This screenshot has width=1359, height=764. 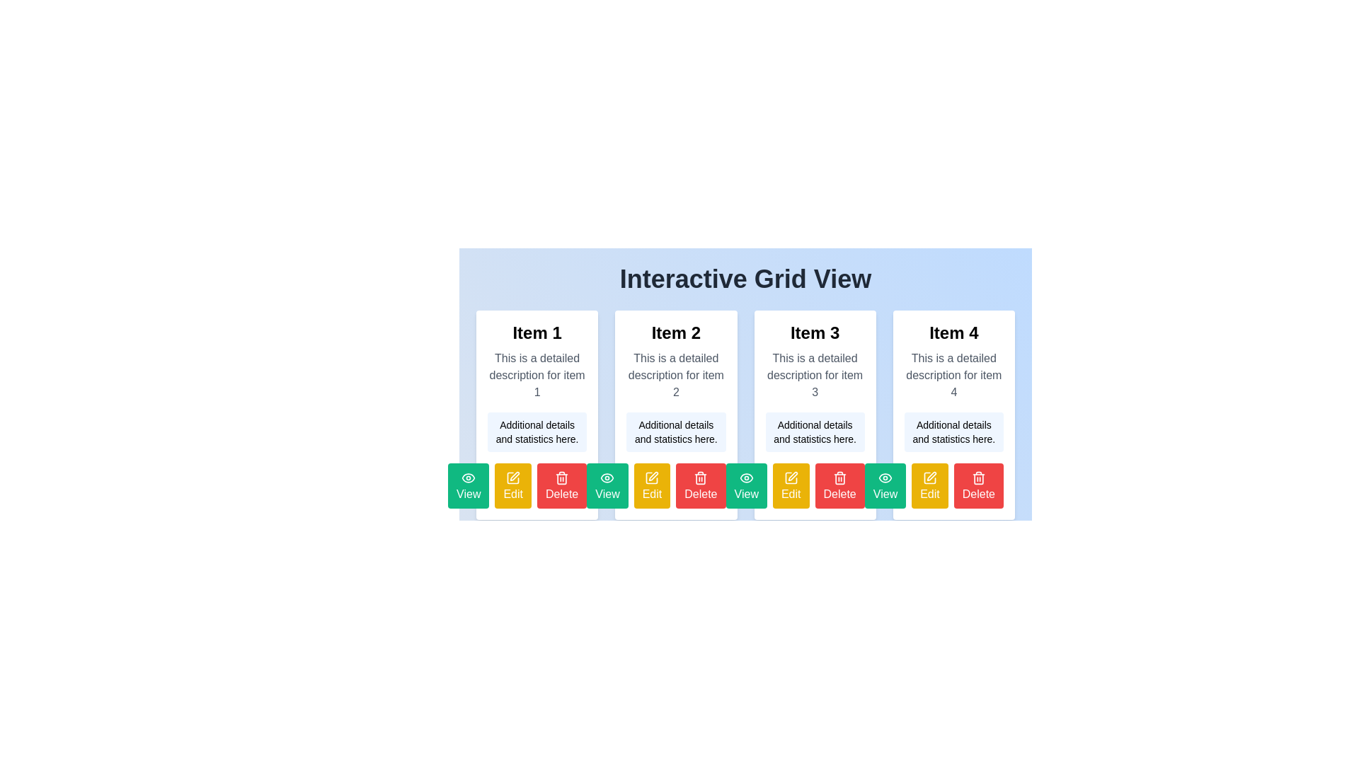 What do you see at coordinates (675, 414) in the screenshot?
I see `the rectangular card with a white background titled 'Item 2', which is the second item in the grid layout positioned between 'Item 1' and 'Item 3'` at bounding box center [675, 414].